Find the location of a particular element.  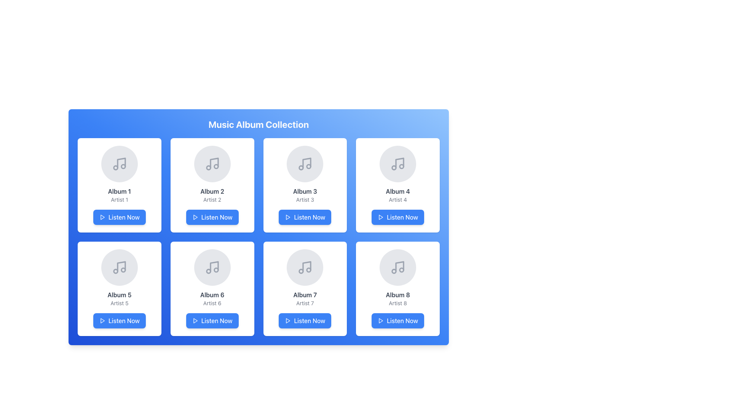

the playback button located in the bottom section of the box containing 'Album 1' and 'Artist 1' is located at coordinates (119, 217).